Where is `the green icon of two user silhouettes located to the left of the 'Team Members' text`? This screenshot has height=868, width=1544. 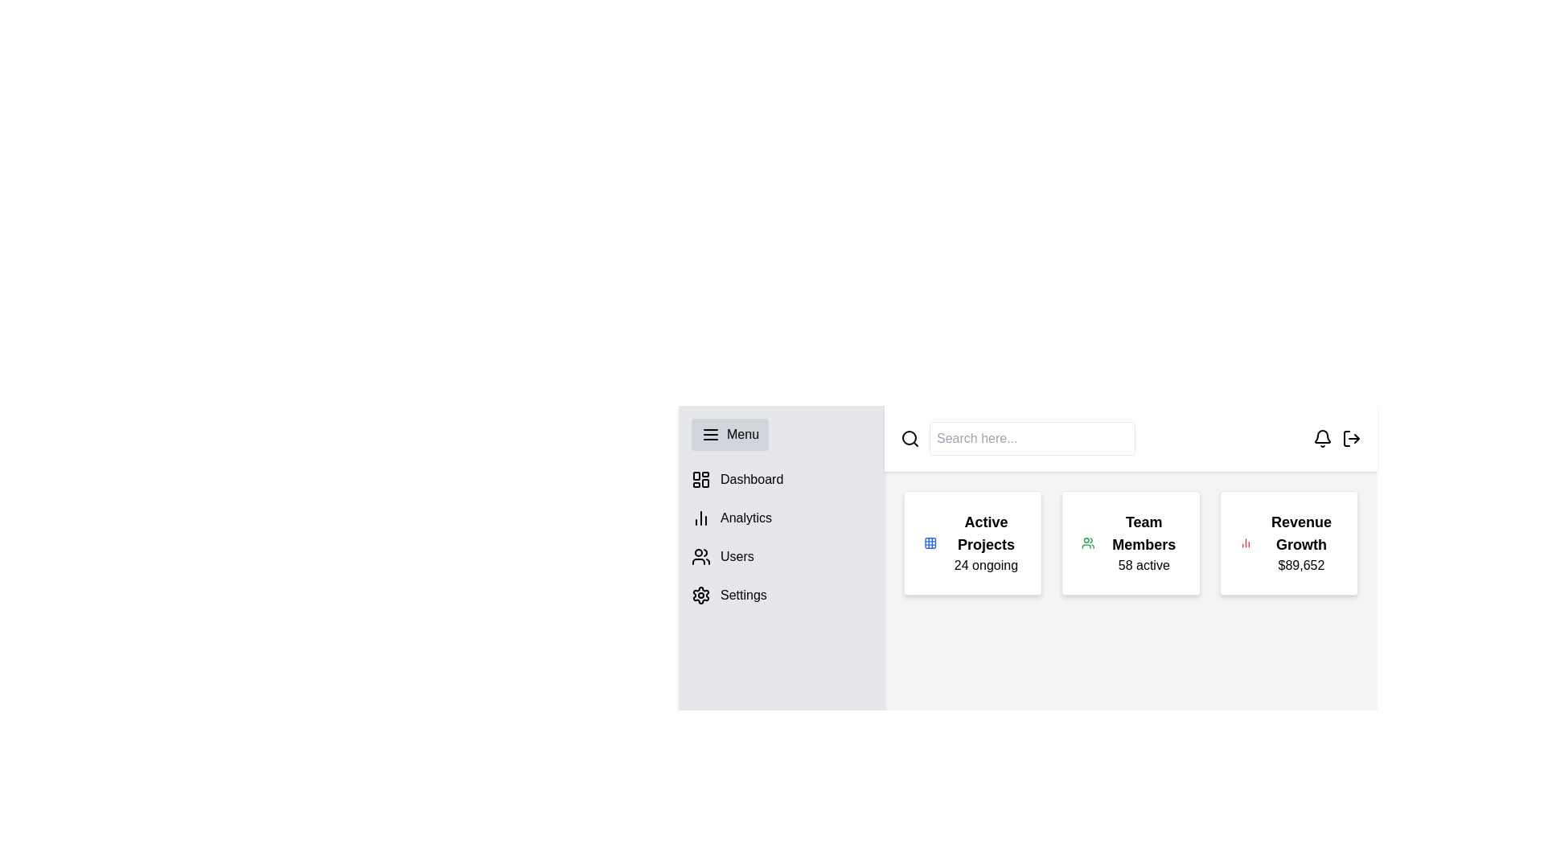 the green icon of two user silhouettes located to the left of the 'Team Members' text is located at coordinates (1088, 542).